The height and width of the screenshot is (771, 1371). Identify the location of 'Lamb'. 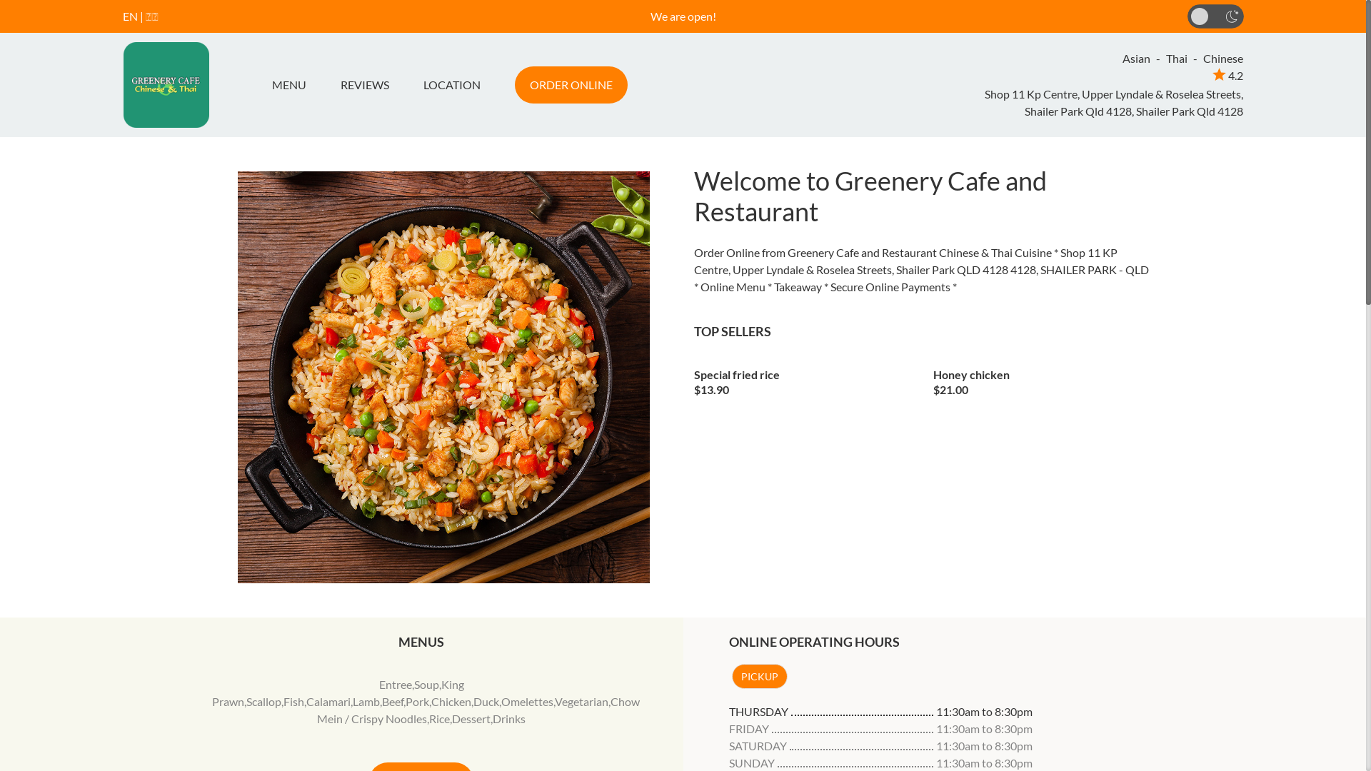
(366, 700).